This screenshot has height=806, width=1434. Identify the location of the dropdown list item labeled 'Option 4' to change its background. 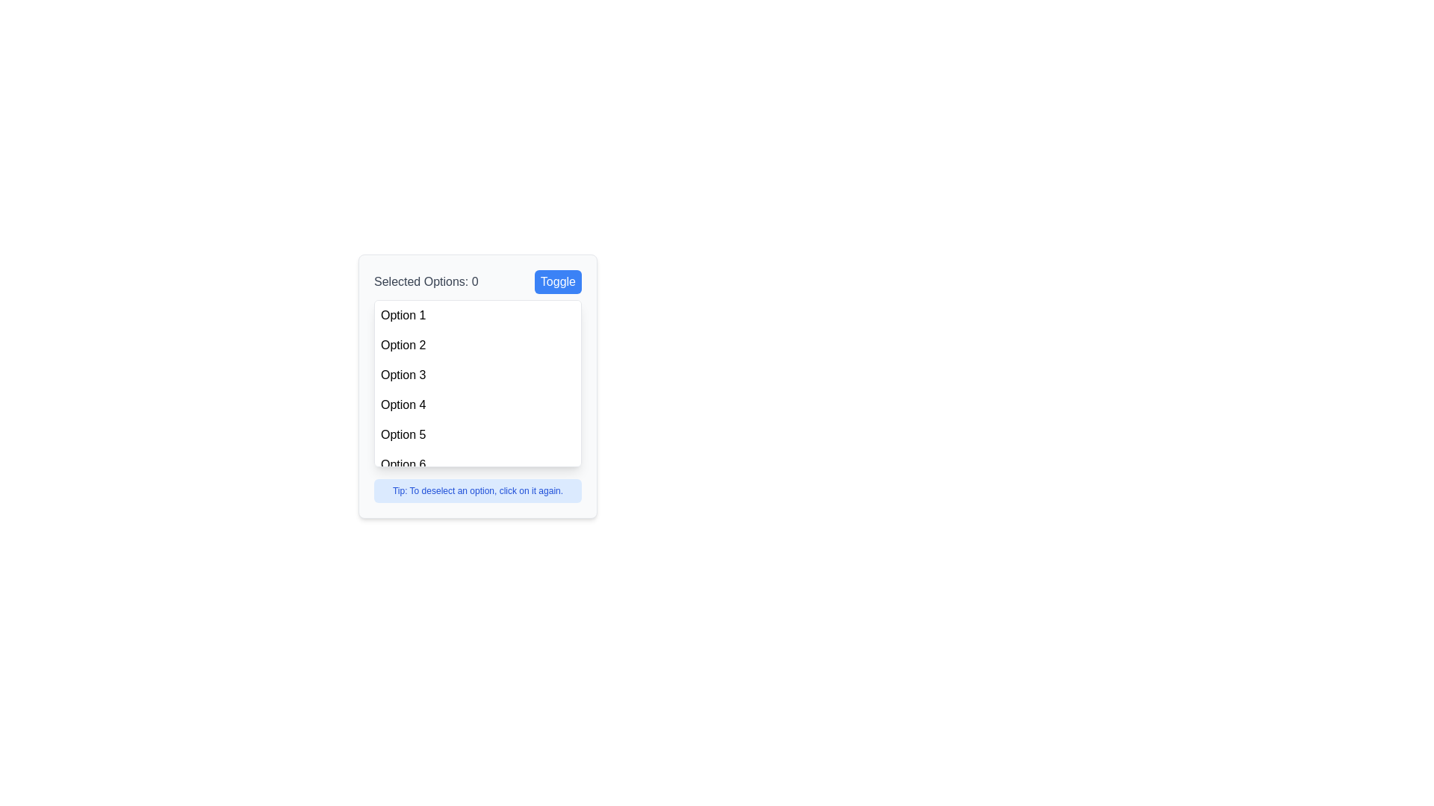
(477, 405).